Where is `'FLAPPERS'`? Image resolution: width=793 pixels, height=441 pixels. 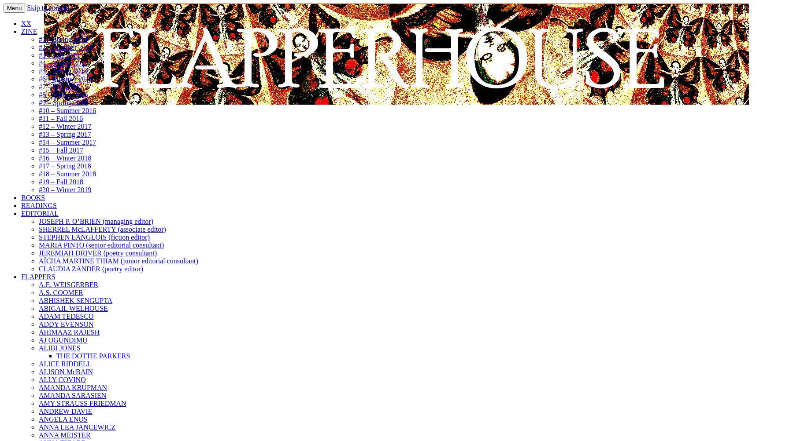 'FLAPPERS' is located at coordinates (37, 277).